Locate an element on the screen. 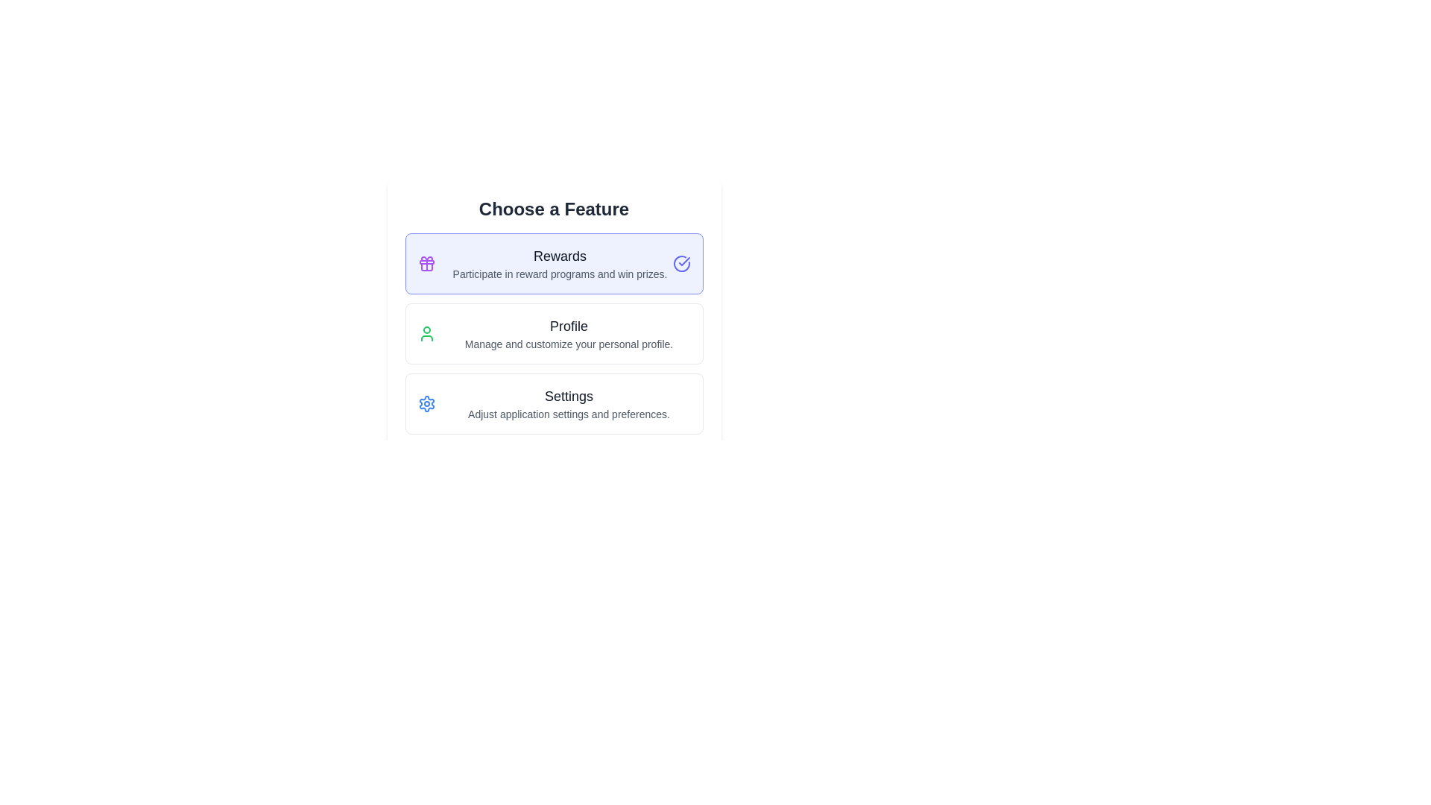 This screenshot has height=805, width=1431. the 'Profile' text label, which is prominently displayed in bold font and located between the 'Rewards' and 'Settings' sections in the user profile functionalities area is located at coordinates (568, 326).